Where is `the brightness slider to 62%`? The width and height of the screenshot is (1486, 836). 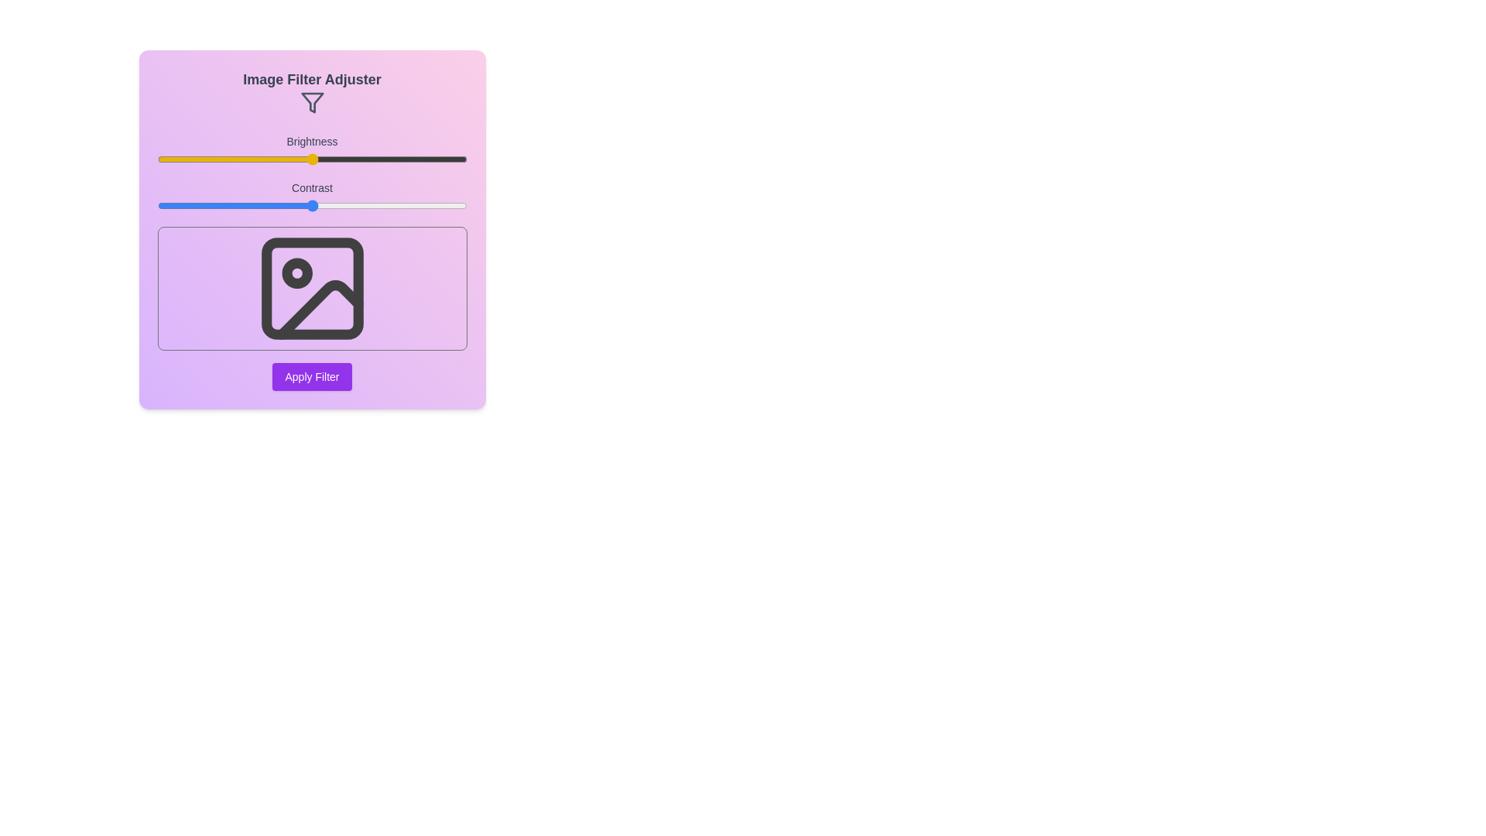
the brightness slider to 62% is located at coordinates (348, 159).